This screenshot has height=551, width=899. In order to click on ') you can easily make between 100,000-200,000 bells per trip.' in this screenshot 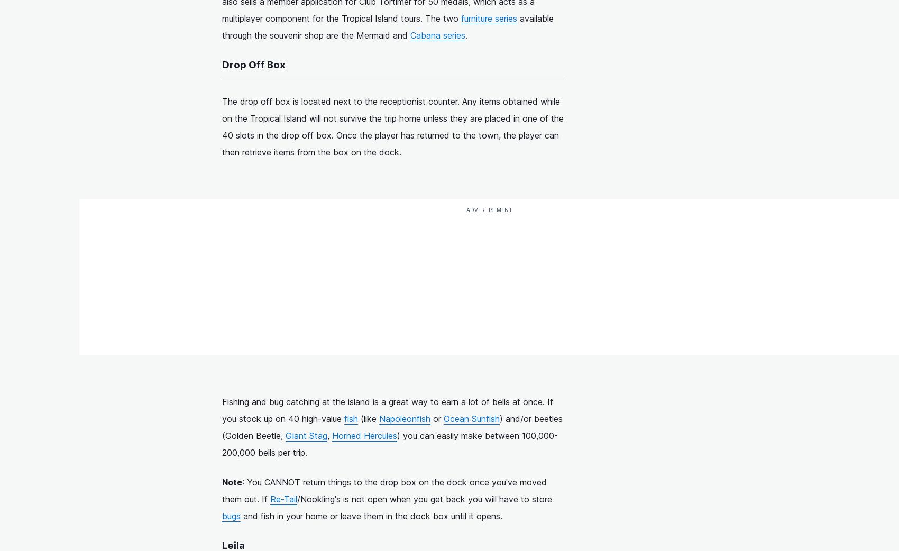, I will do `click(222, 444)`.